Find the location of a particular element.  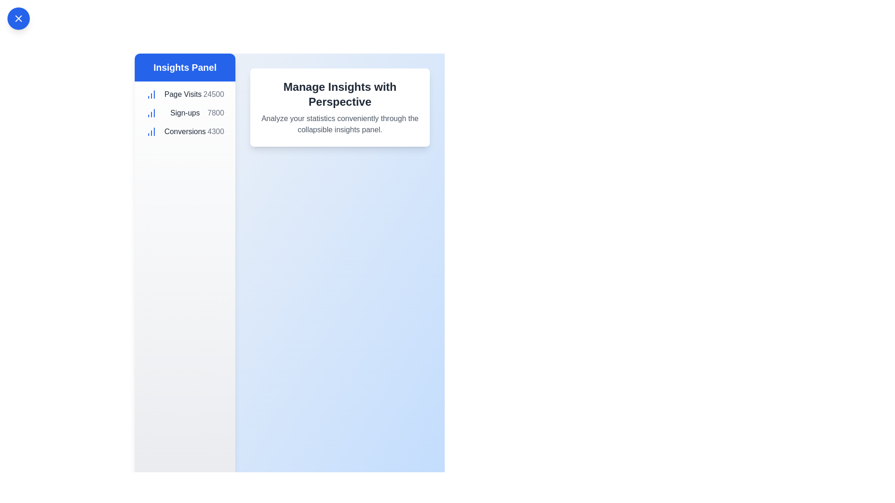

the main content area to explore additional information is located at coordinates (339, 107).